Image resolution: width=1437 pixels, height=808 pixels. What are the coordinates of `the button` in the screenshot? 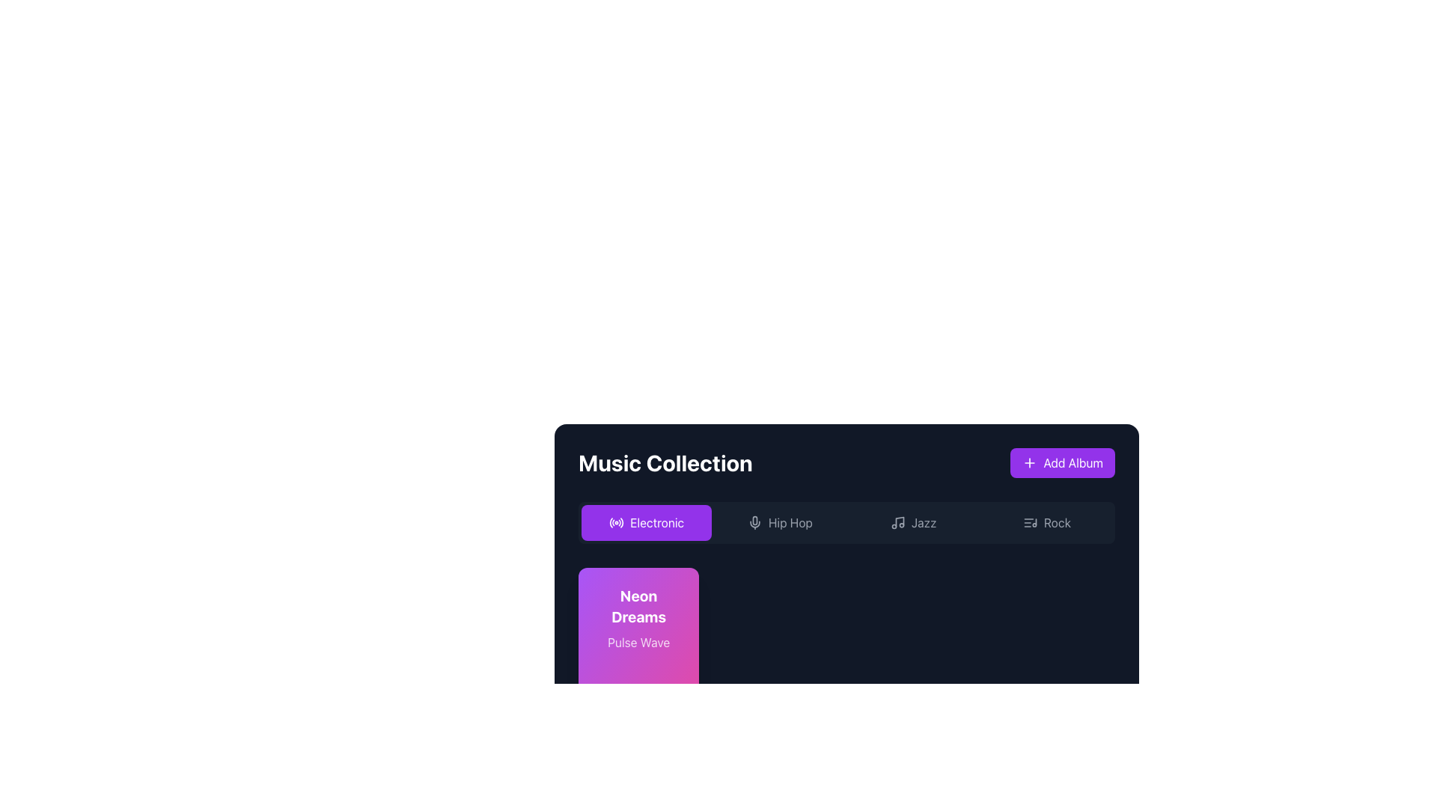 It's located at (779, 521).